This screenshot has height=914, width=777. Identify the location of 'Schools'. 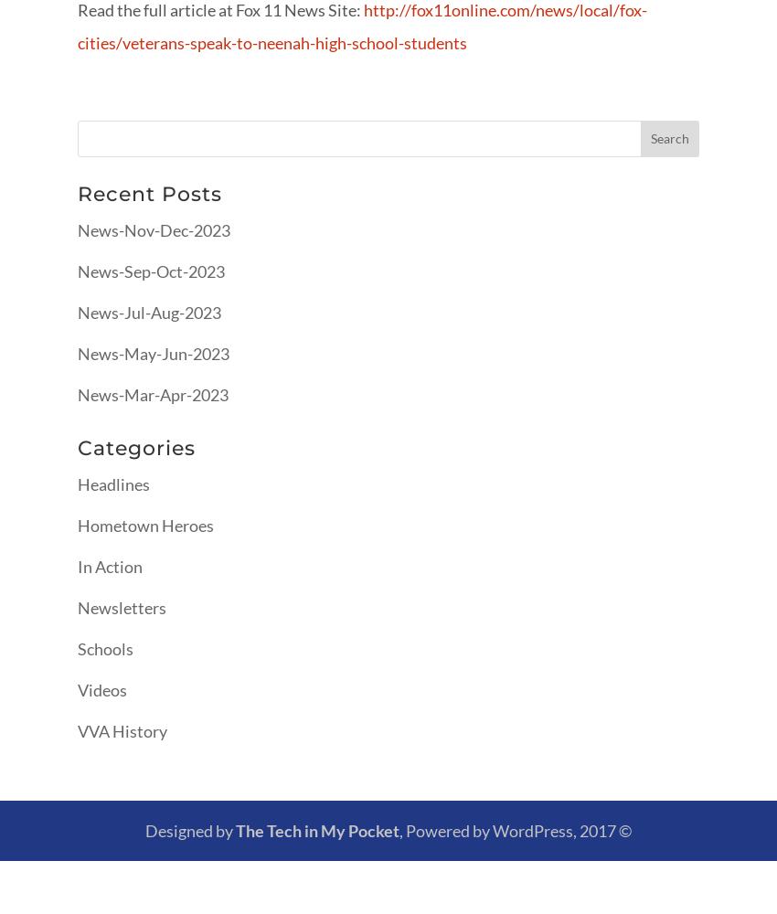
(104, 647).